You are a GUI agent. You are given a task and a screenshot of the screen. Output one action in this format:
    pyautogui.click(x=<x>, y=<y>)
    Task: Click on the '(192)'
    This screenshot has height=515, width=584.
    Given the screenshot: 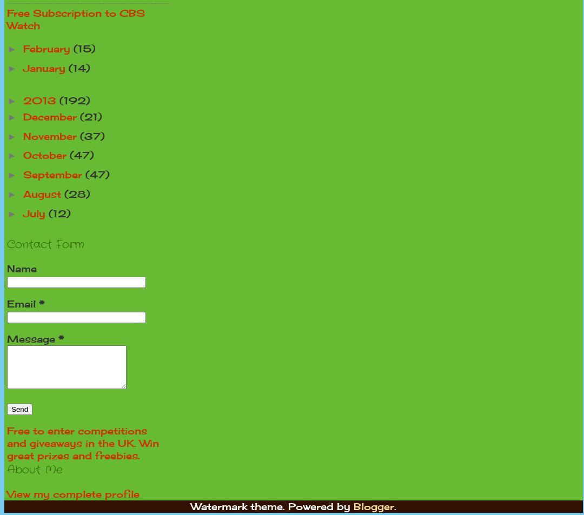 What is the action you would take?
    pyautogui.click(x=74, y=100)
    